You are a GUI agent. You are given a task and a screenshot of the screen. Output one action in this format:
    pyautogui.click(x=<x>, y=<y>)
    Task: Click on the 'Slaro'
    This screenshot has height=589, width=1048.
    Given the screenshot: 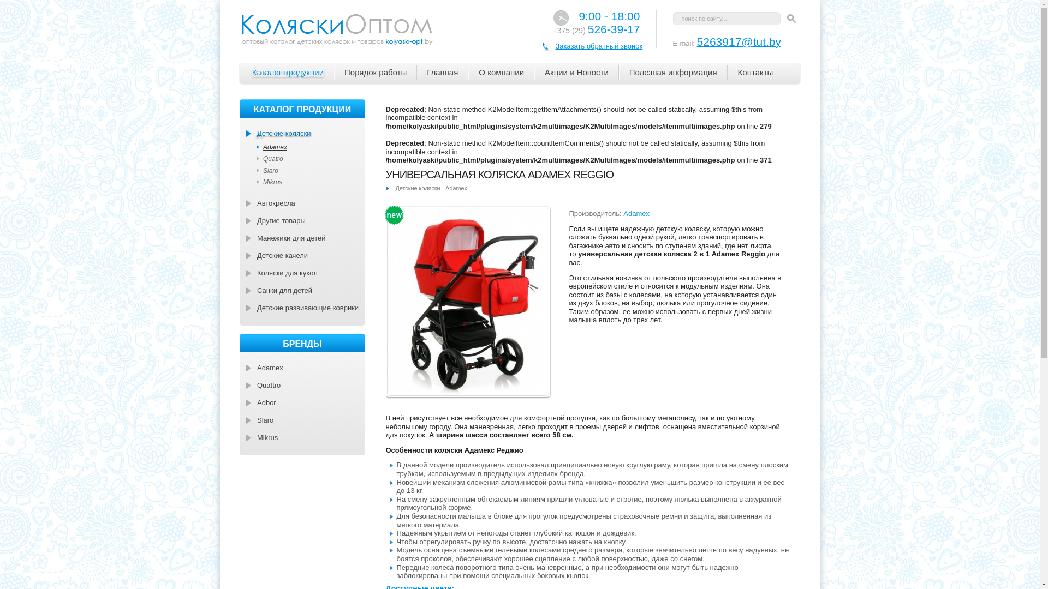 What is the action you would take?
    pyautogui.click(x=247, y=419)
    